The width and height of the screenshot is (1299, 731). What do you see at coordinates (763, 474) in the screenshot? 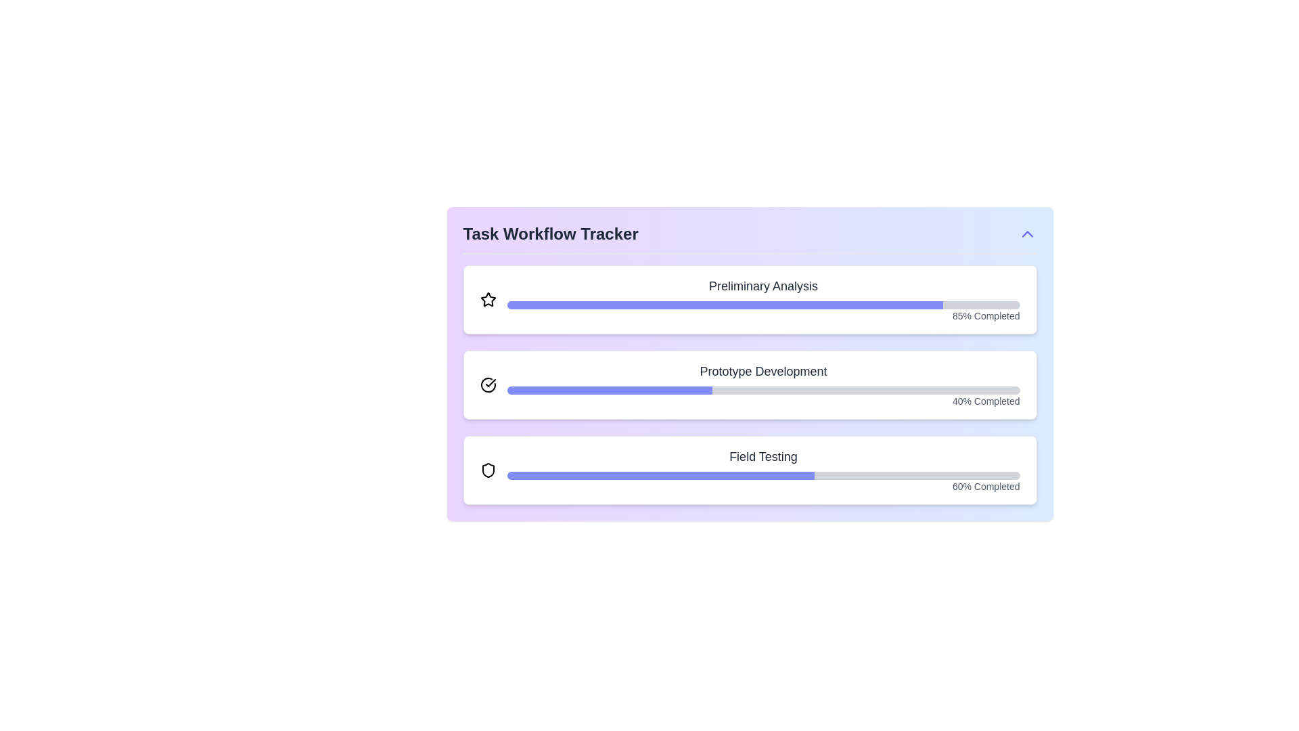
I see `the horizontal progress bar indicating the completion status of the 'Field Testing' task, located below the 'Field Testing' label and above the '60% Completed' text` at bounding box center [763, 474].